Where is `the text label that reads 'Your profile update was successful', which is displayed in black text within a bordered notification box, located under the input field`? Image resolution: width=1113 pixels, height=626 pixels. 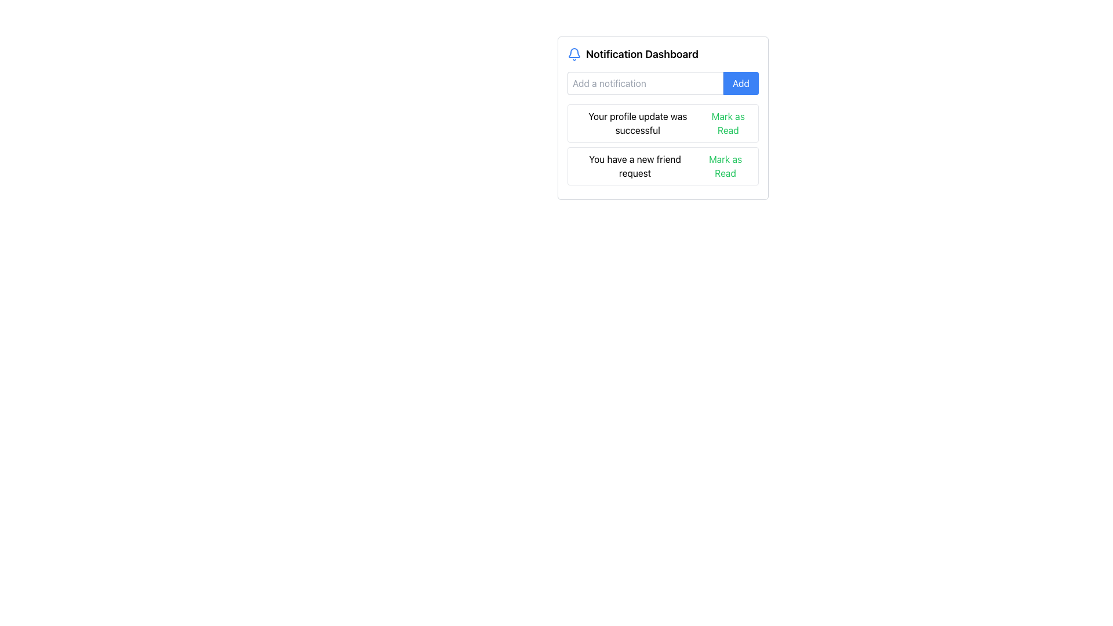 the text label that reads 'Your profile update was successful', which is displayed in black text within a bordered notification box, located under the input field is located at coordinates (637, 123).